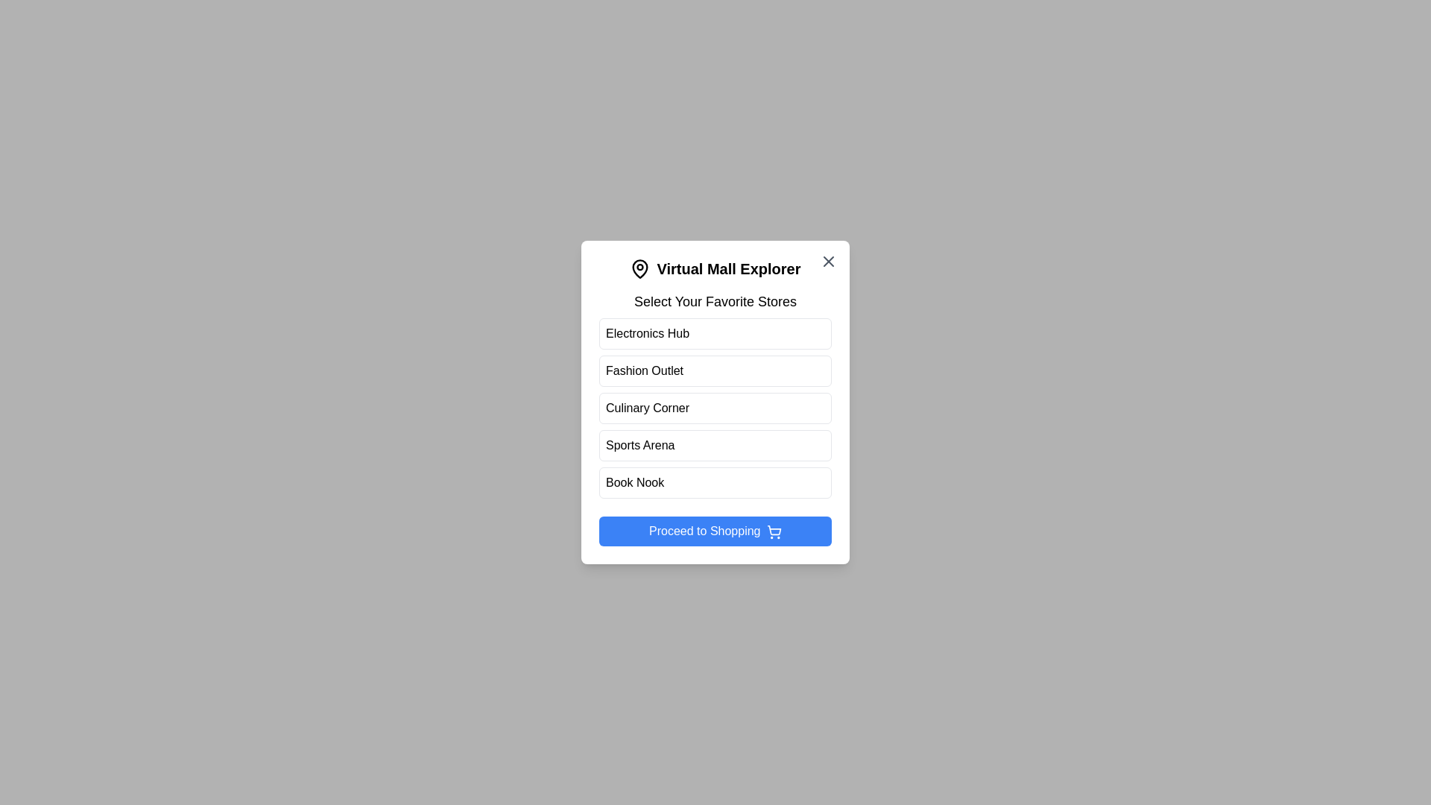 Image resolution: width=1431 pixels, height=805 pixels. Describe the element at coordinates (640, 269) in the screenshot. I see `the geolocation icon positioned to the left of the 'Virtual Mall Explorer' text in the header area of the modal for information` at that location.